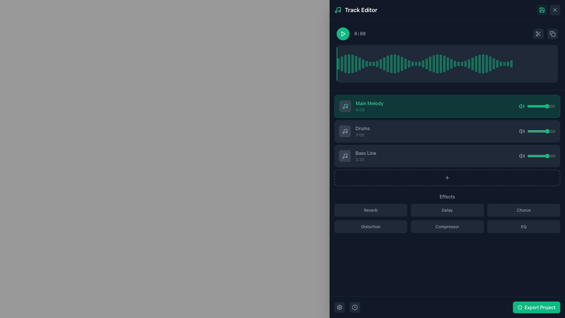 The width and height of the screenshot is (565, 318). Describe the element at coordinates (398, 64) in the screenshot. I see `the 18th vertical bar of the waveform display in the track editor interface, which visualizes audio data` at that location.